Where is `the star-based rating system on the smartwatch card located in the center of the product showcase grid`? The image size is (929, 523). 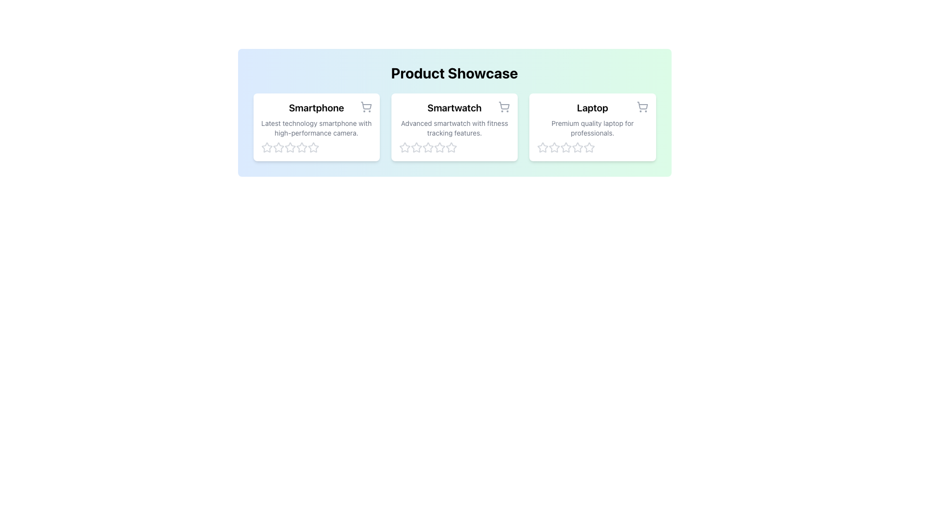
the star-based rating system on the smartwatch card located in the center of the product showcase grid is located at coordinates (454, 126).